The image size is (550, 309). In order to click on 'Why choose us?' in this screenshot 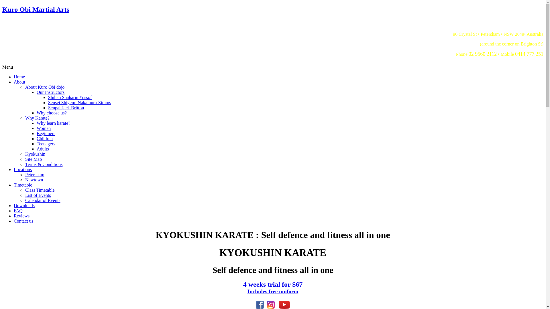, I will do `click(36, 113)`.